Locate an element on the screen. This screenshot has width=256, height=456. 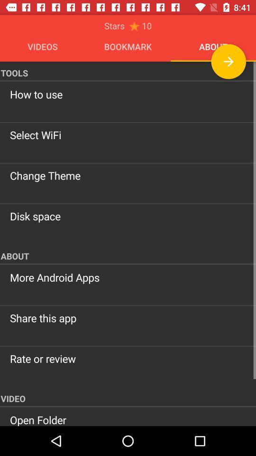
video item is located at coordinates (128, 397).